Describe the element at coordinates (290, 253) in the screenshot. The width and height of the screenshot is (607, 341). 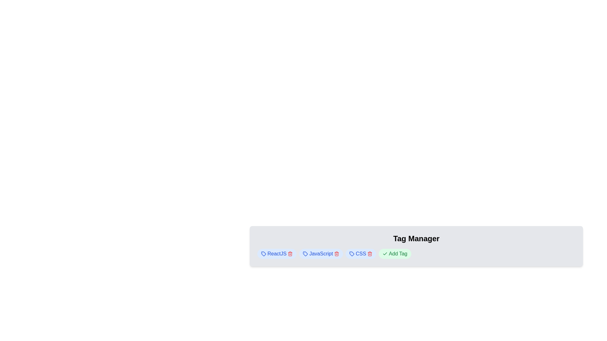
I see `the small red trash icon button` at that location.